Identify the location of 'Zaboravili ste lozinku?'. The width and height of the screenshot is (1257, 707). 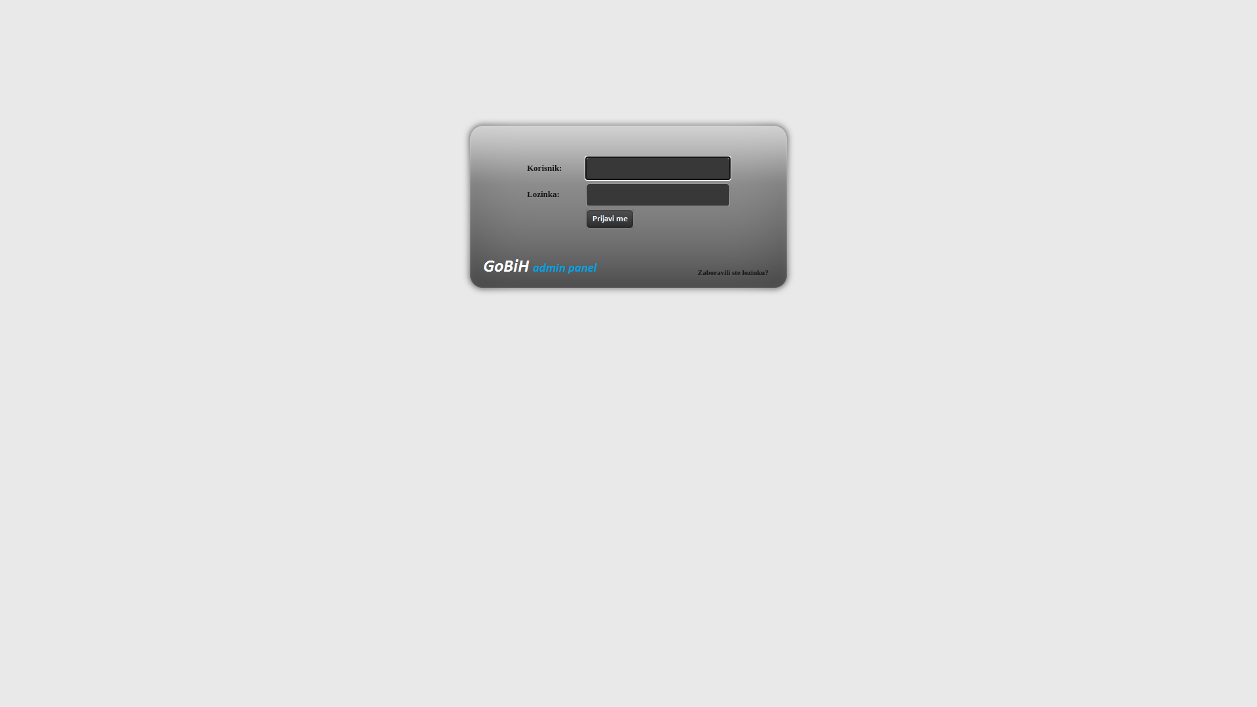
(732, 272).